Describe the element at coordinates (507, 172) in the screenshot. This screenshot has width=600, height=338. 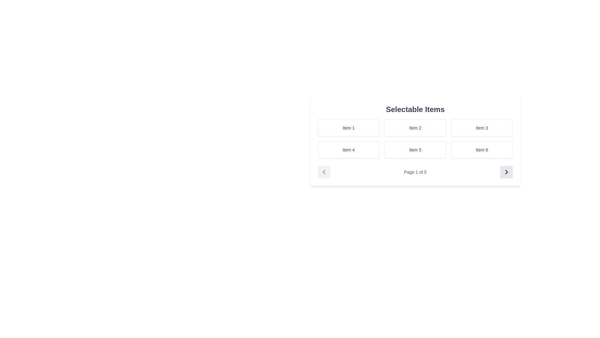
I see `the 'next page' navigation icon located at the bottom-right corner of the interface` at that location.